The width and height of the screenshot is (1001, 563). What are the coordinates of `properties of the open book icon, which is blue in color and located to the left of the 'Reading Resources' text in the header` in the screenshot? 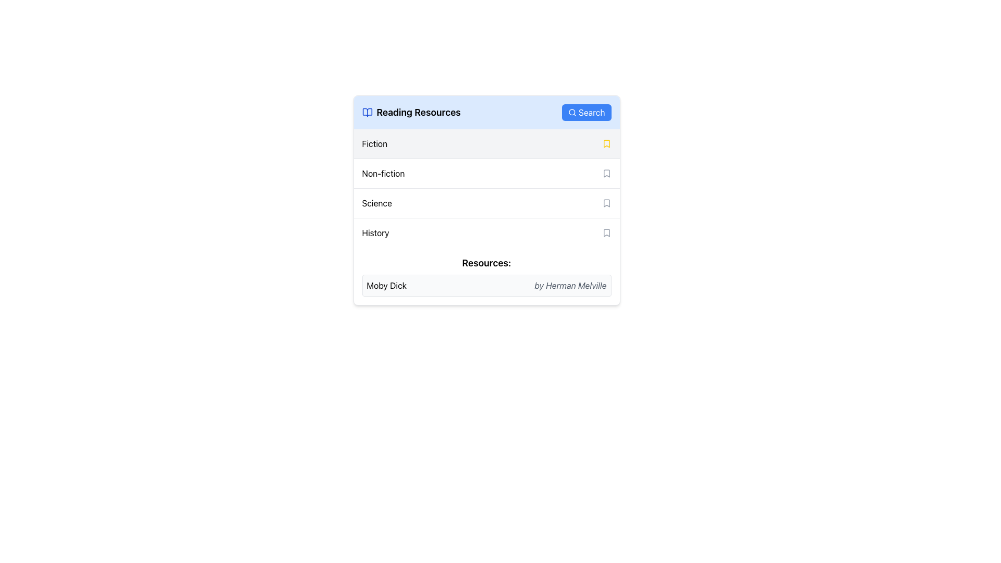 It's located at (367, 113).